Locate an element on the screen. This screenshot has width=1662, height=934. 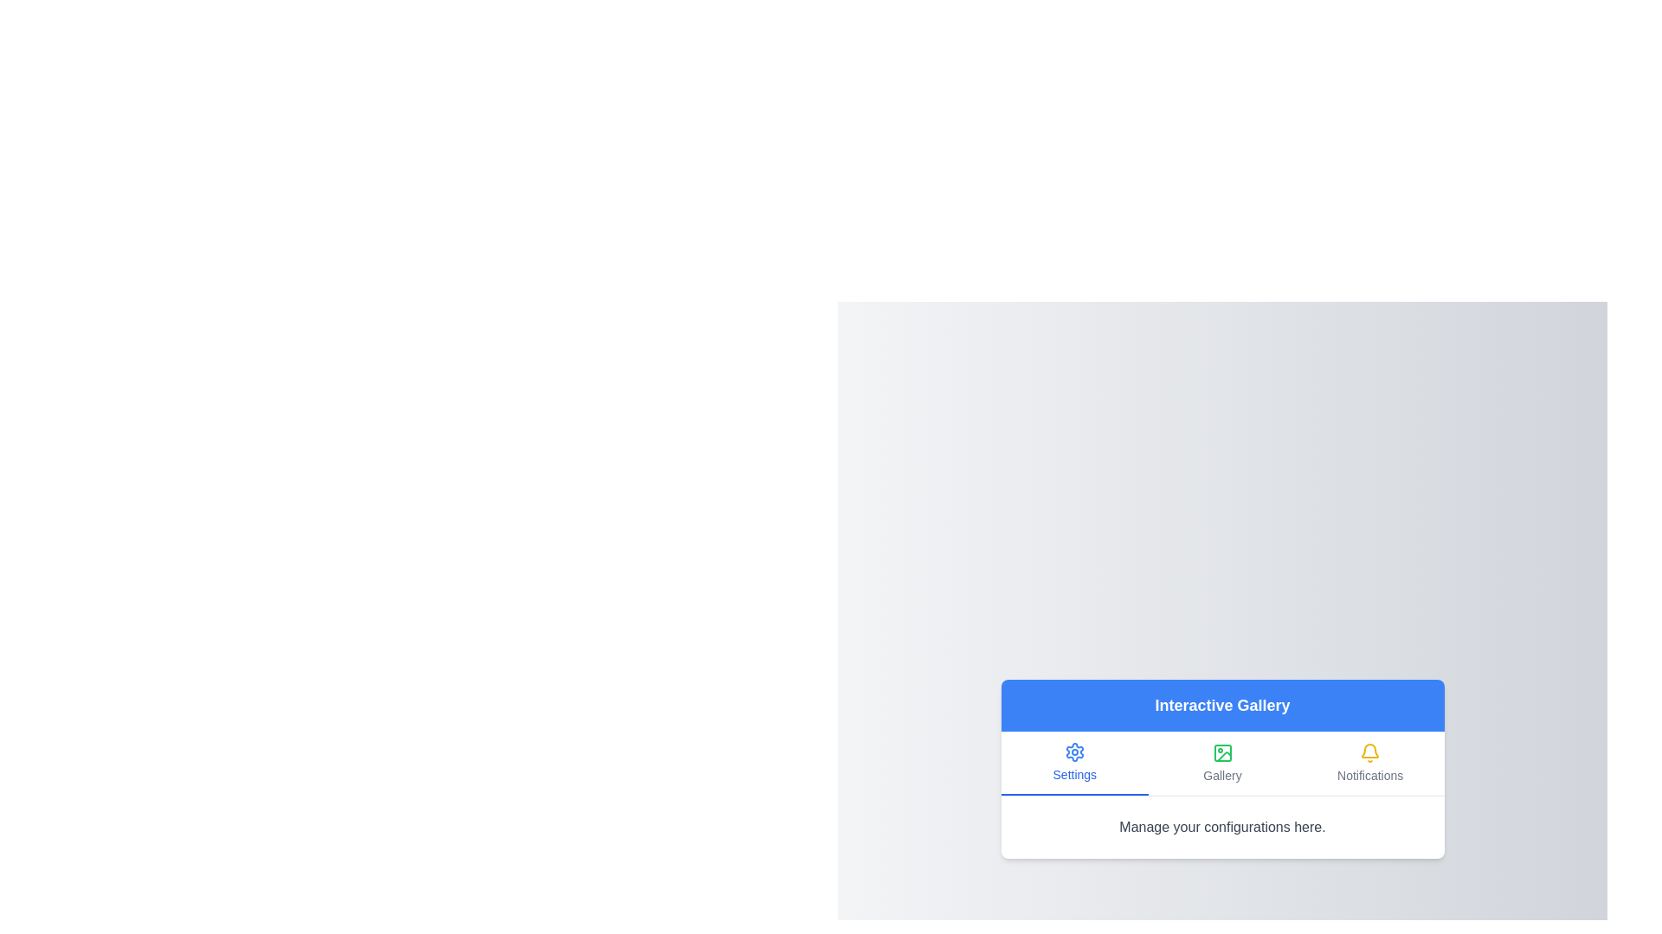
the tab labeled Notifications is located at coordinates (1369, 762).